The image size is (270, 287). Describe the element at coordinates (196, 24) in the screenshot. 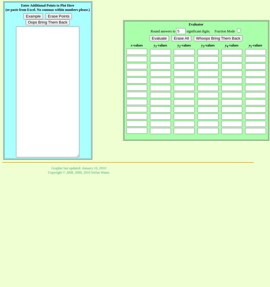

I see `'Evaluator'` at that location.